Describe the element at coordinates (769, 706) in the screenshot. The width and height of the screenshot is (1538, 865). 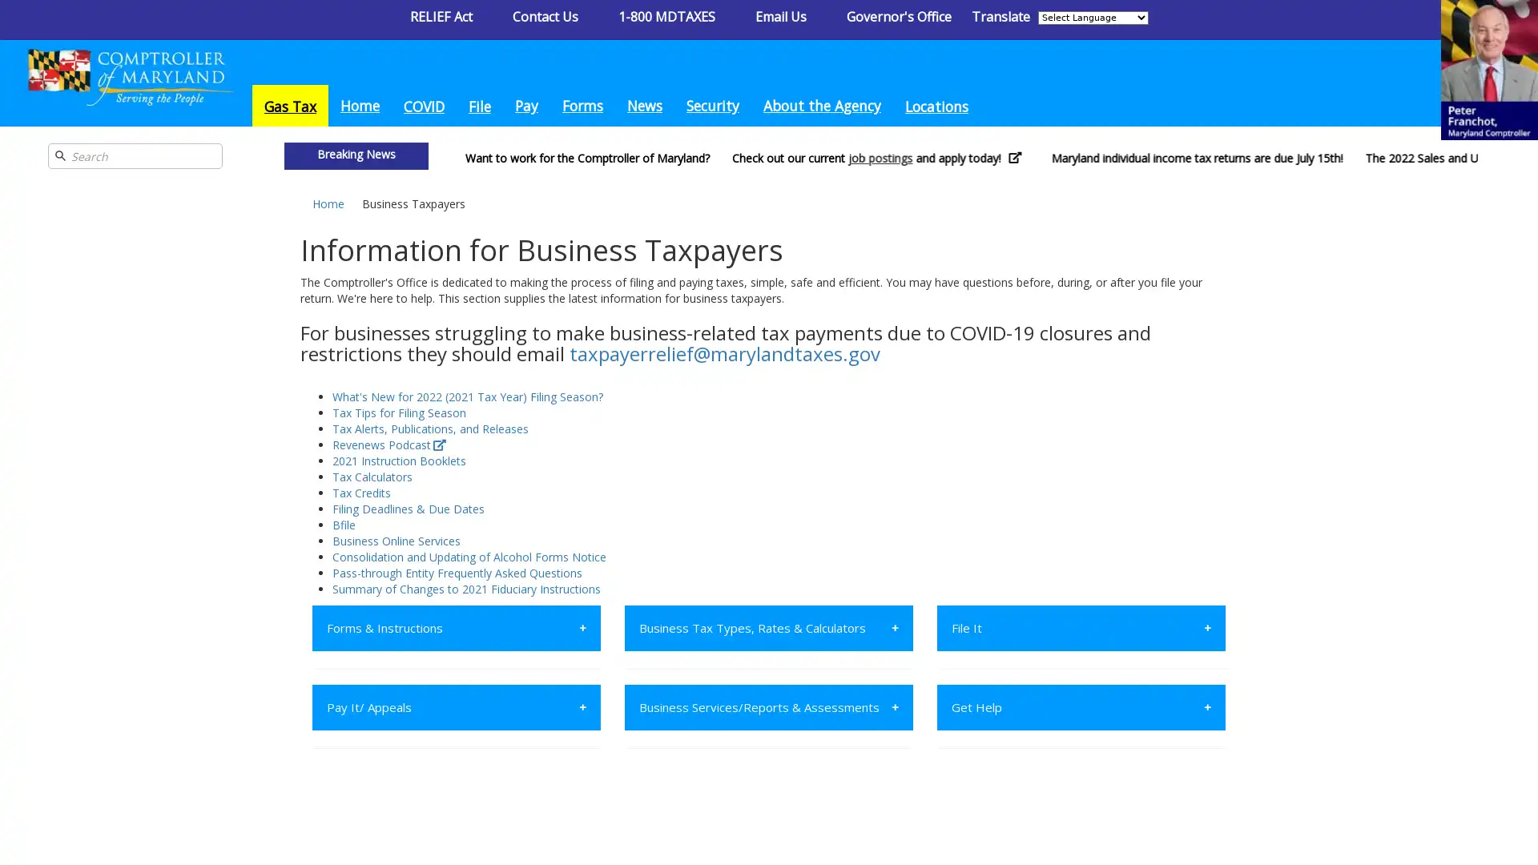
I see `Business Services/Reports & Assessments +` at that location.